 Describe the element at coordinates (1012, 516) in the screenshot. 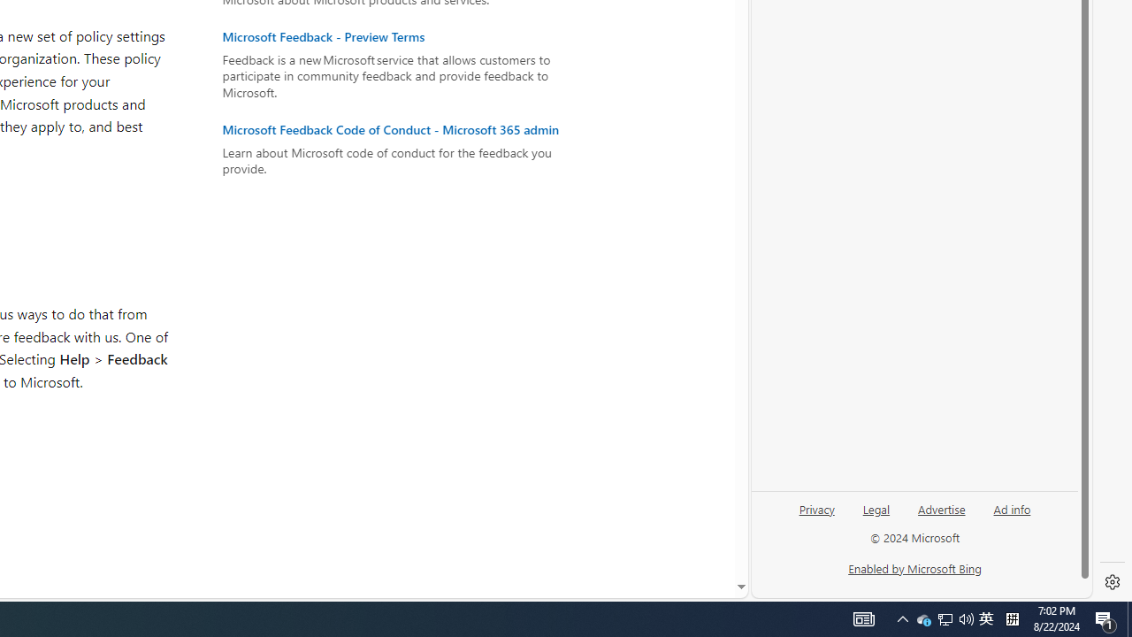

I see `'Ad info'` at that location.